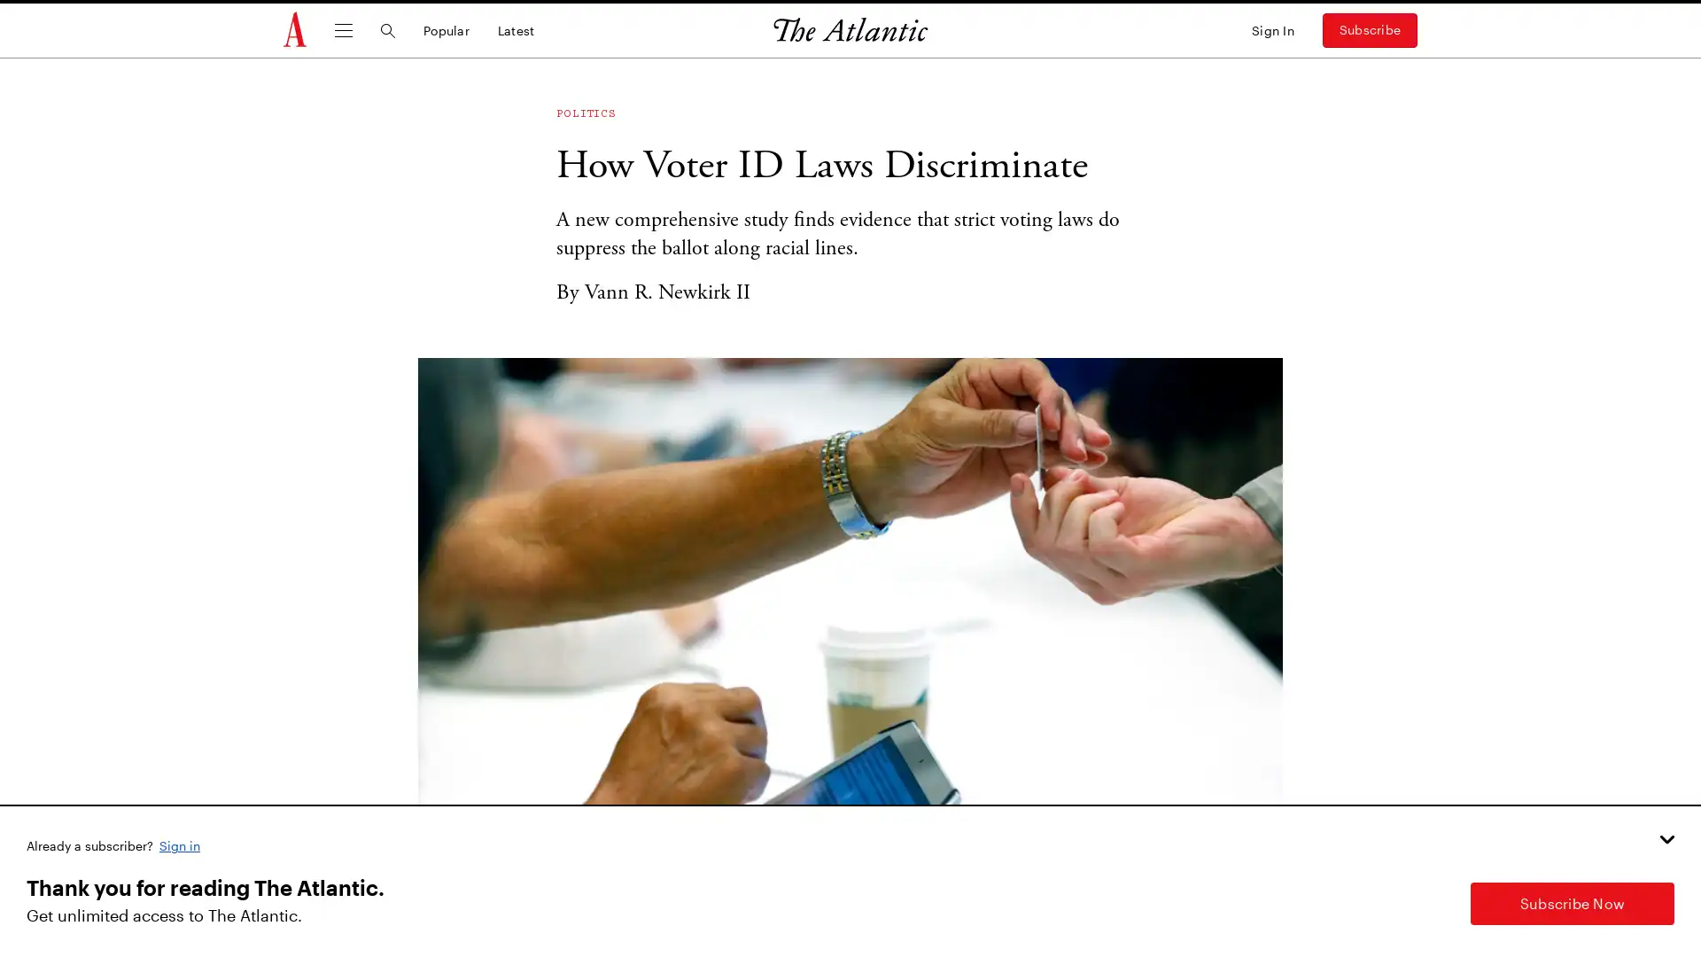 The width and height of the screenshot is (1701, 957). Describe the element at coordinates (344, 30) in the screenshot. I see `Open Main Menu` at that location.